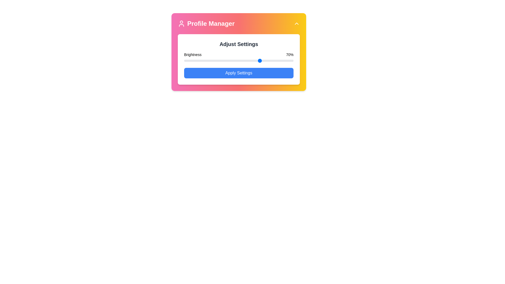 Image resolution: width=505 pixels, height=284 pixels. Describe the element at coordinates (289, 55) in the screenshot. I see `the Text Label displaying '70%' in black font, which is located in the brightness control area of the application` at that location.